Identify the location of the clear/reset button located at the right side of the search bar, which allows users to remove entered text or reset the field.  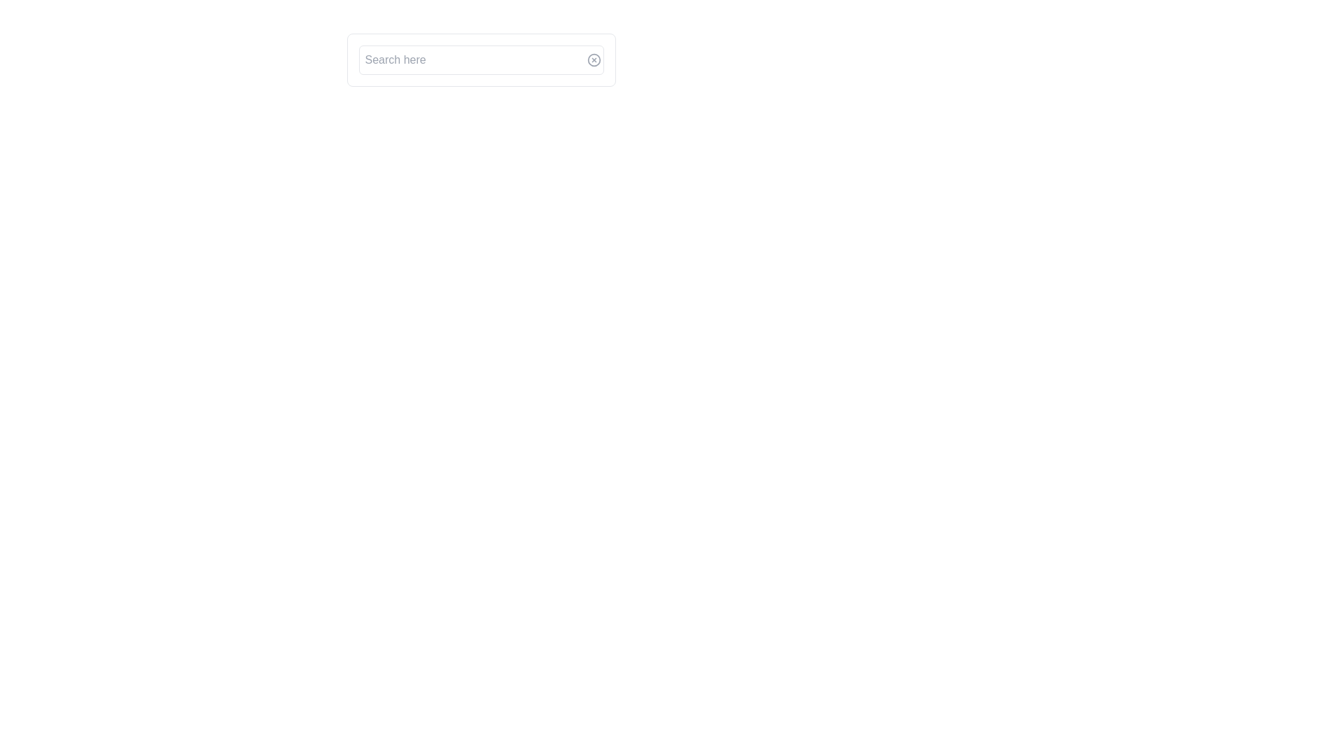
(594, 59).